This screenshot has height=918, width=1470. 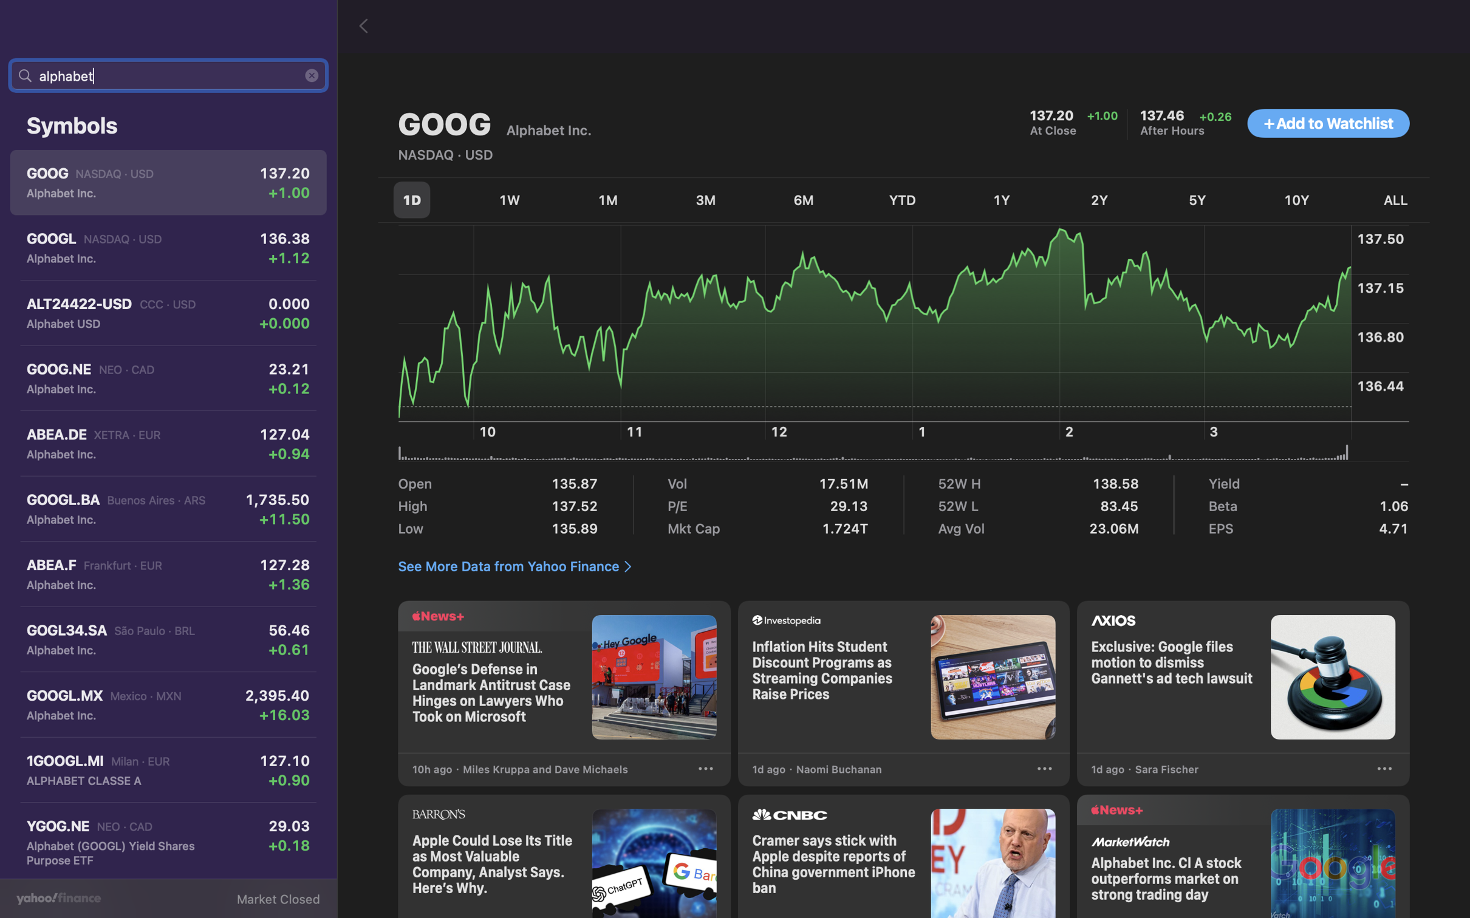 I want to click on Put the stock on the watchlist, so click(x=1328, y=124).